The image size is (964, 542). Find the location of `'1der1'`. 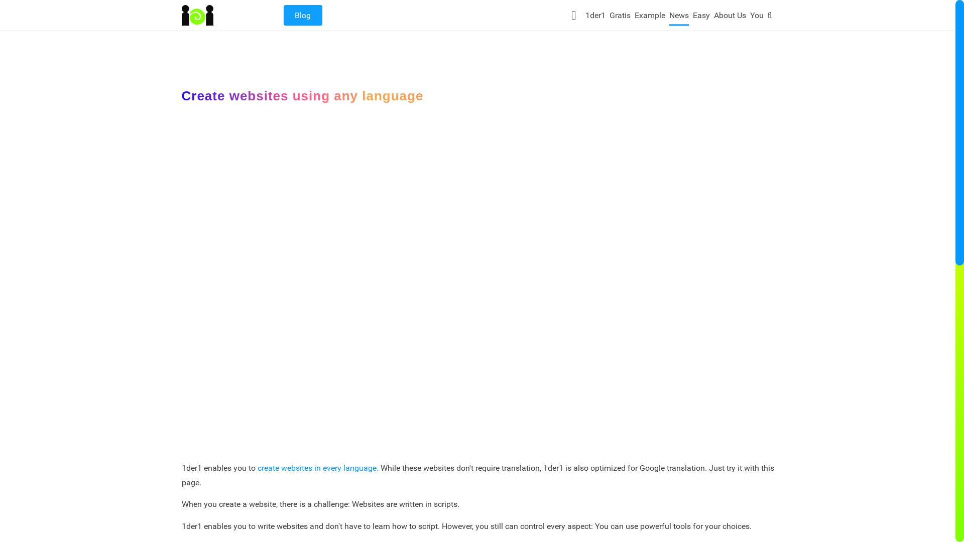

'1der1' is located at coordinates (585, 17).